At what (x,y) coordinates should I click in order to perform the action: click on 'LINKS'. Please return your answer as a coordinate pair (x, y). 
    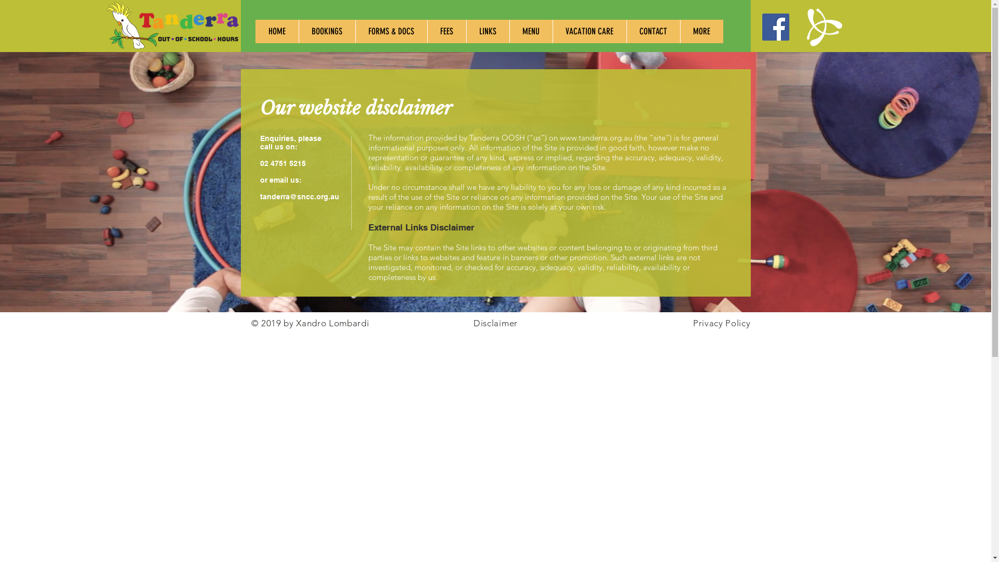
    Looking at the image, I should click on (487, 31).